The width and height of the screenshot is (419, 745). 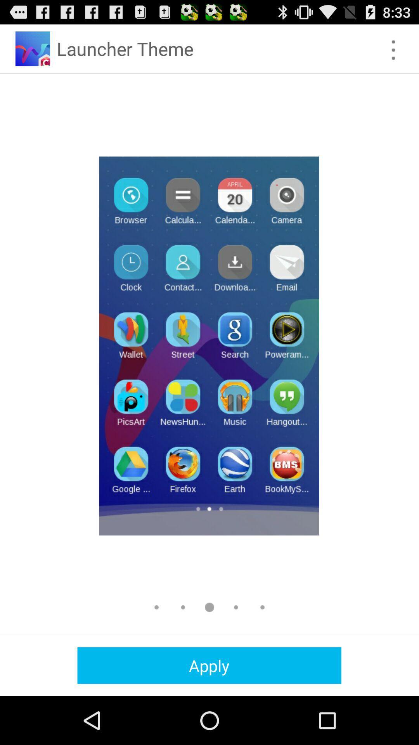 What do you see at coordinates (393, 50) in the screenshot?
I see `icon at the top right corner` at bounding box center [393, 50].